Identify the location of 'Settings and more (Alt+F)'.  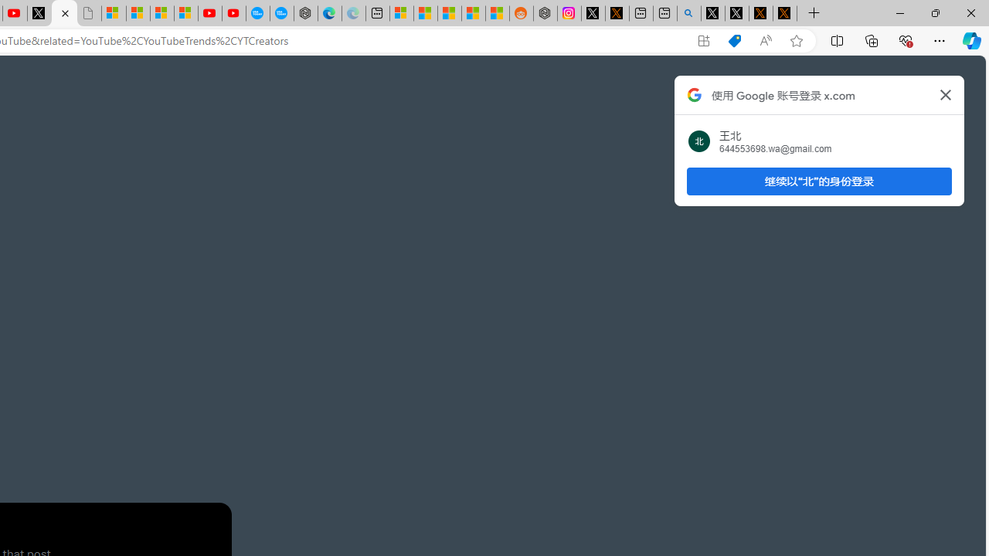
(939, 39).